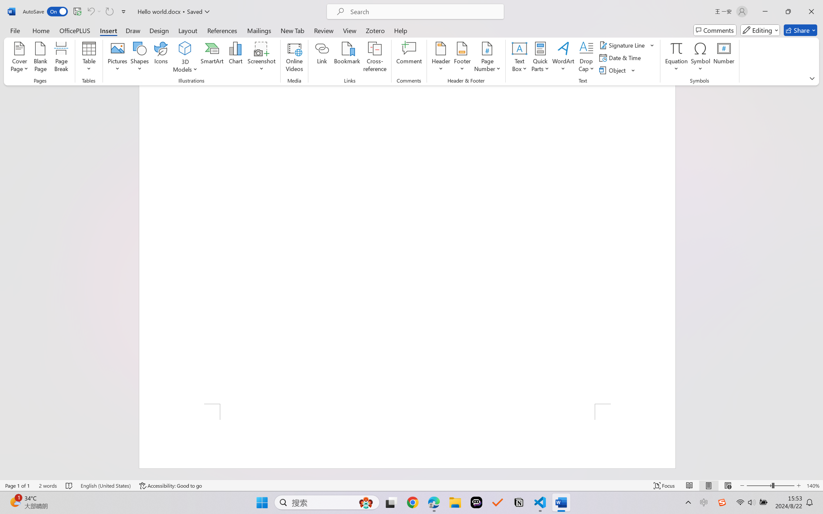  I want to click on 'Print Layout', so click(708, 485).